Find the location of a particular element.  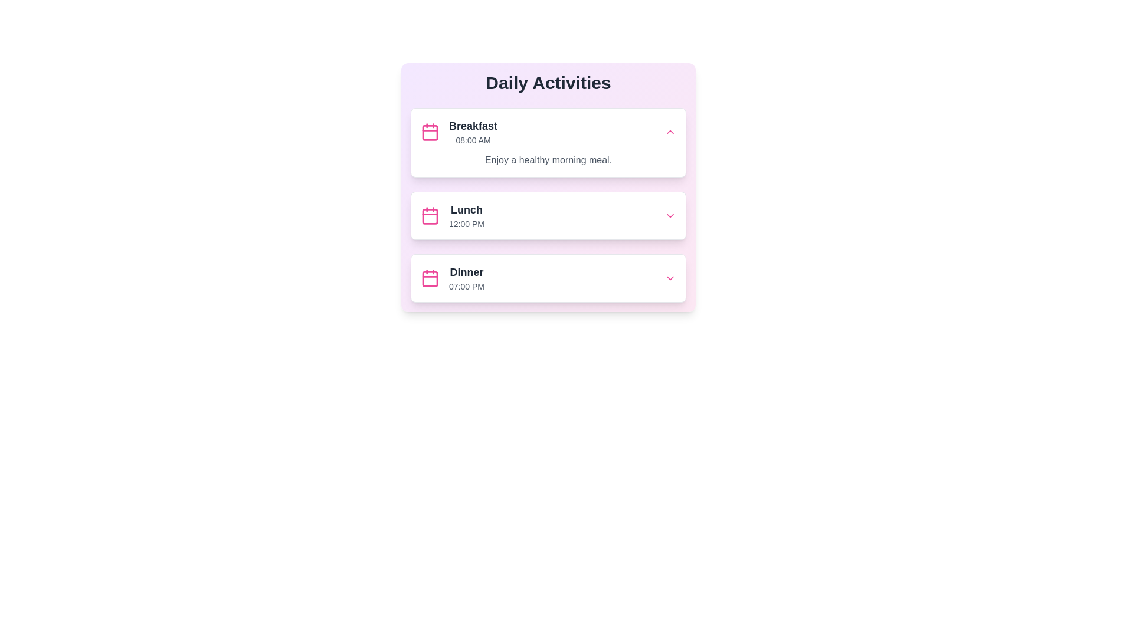

the 'Breakfast' text block located in the 'Daily Activities' panel, which displays 'Breakfast' in bold and '08:00 AM' in a smaller font, positioned next to a pink calendar icon is located at coordinates (473, 132).